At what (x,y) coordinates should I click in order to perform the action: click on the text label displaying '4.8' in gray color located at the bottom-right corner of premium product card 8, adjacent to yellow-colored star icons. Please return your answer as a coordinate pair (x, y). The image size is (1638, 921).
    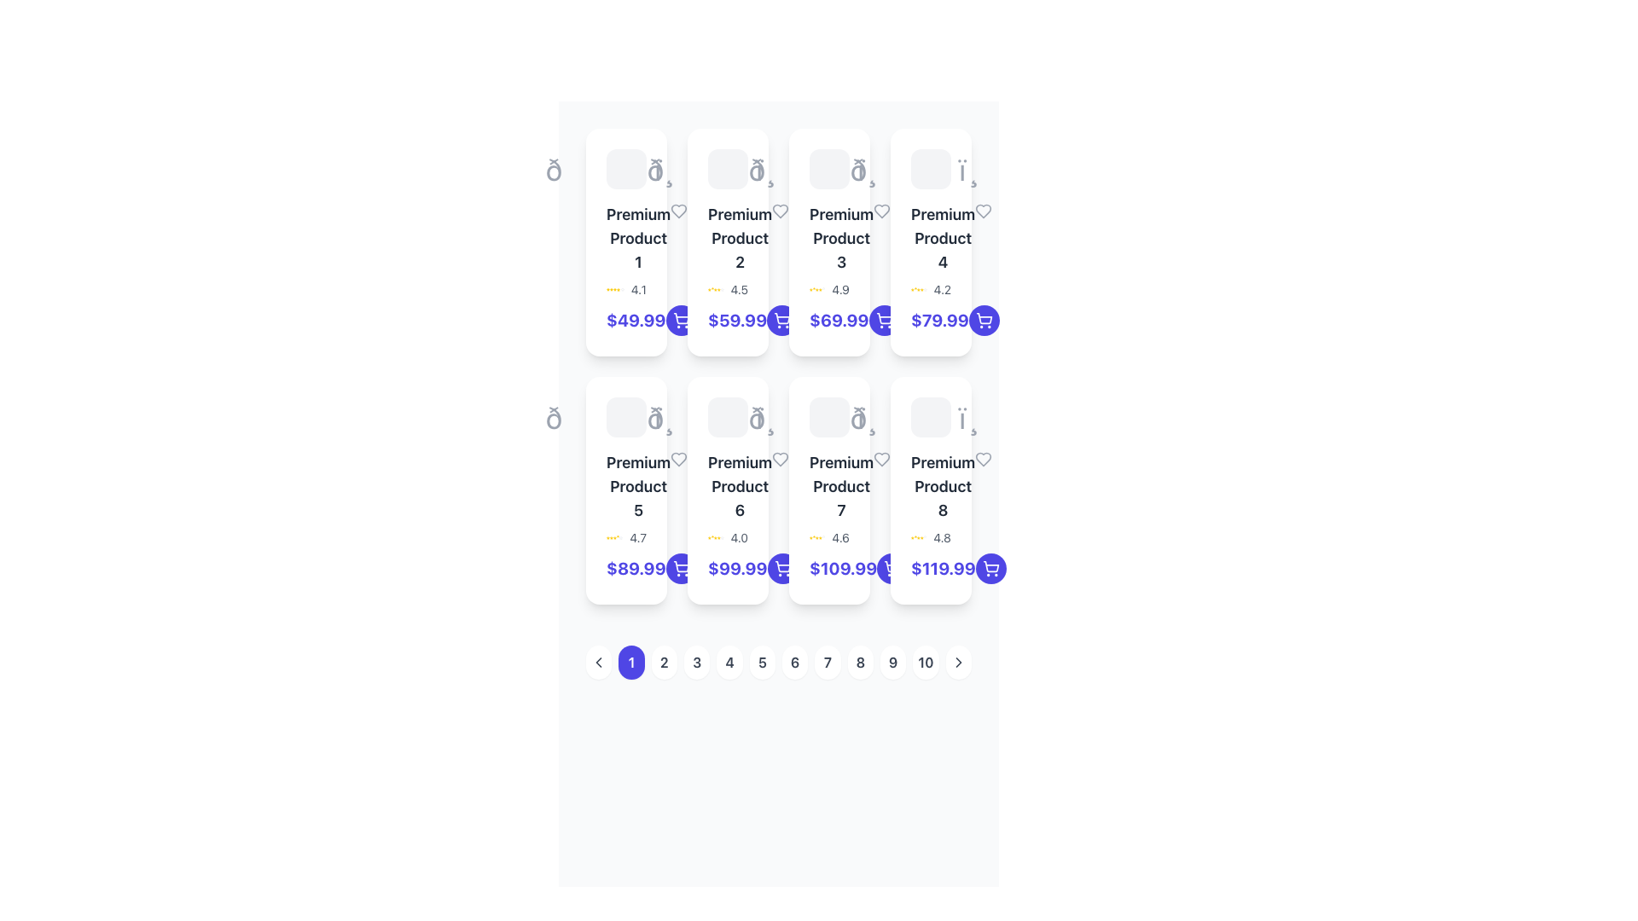
    Looking at the image, I should click on (941, 538).